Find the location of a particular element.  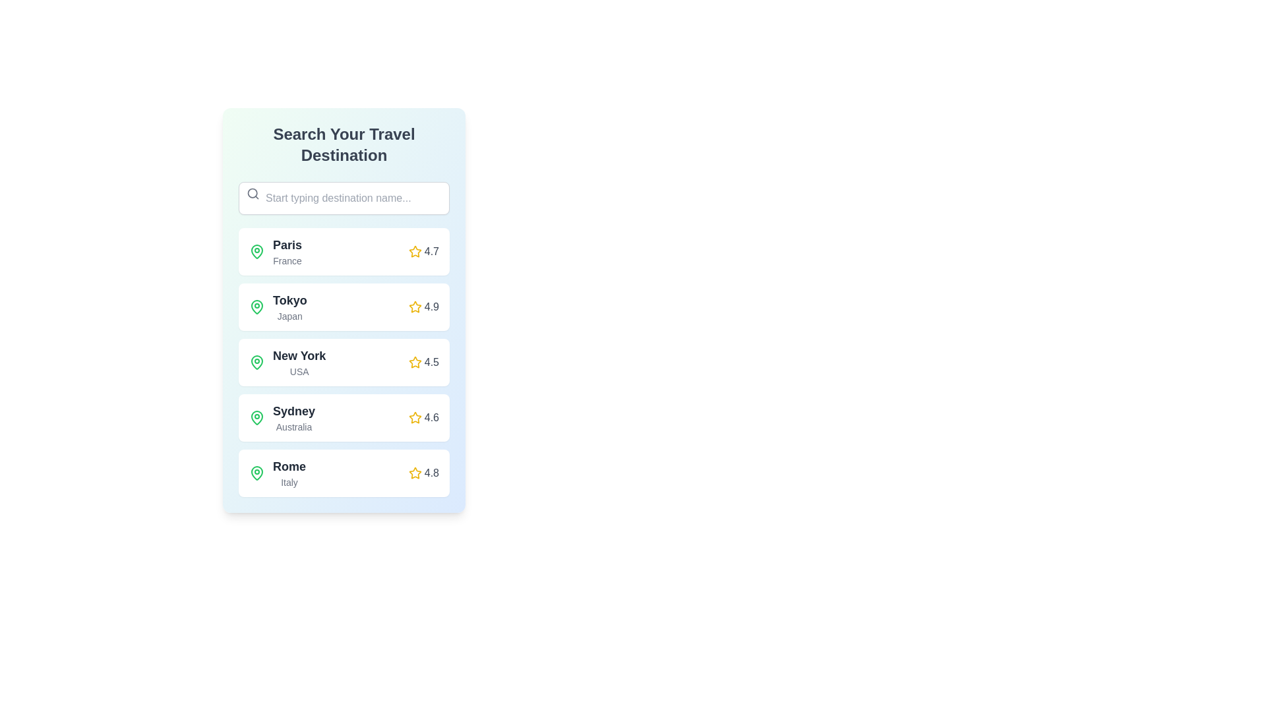

the map pin icon located in the fifth row of the travel destinations list, which is aligned with the text 'Rome' is located at coordinates (256, 472).